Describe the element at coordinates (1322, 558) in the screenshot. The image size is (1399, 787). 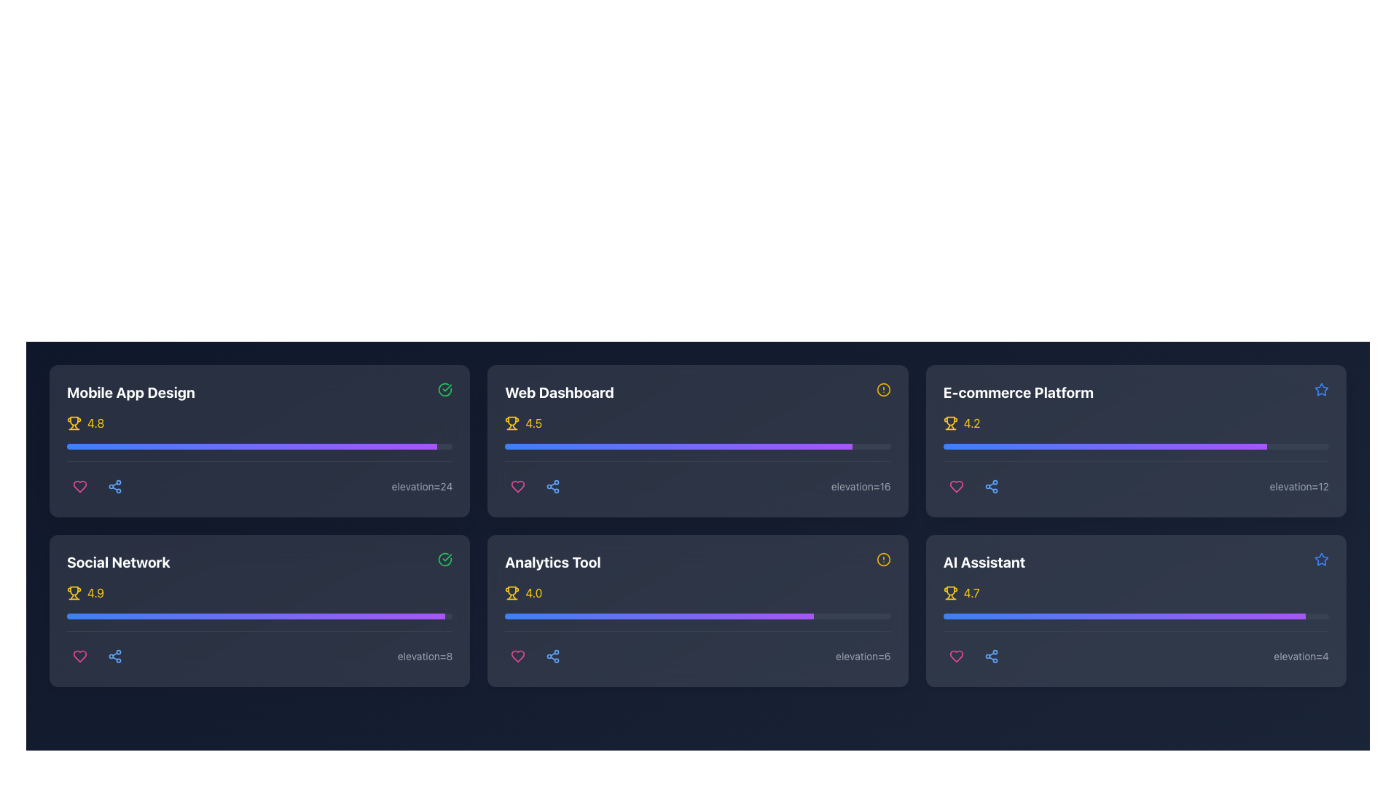
I see `the blue outlined star icon located adjacent to the text 'AI Assistant' in the upper-right corner of the box` at that location.